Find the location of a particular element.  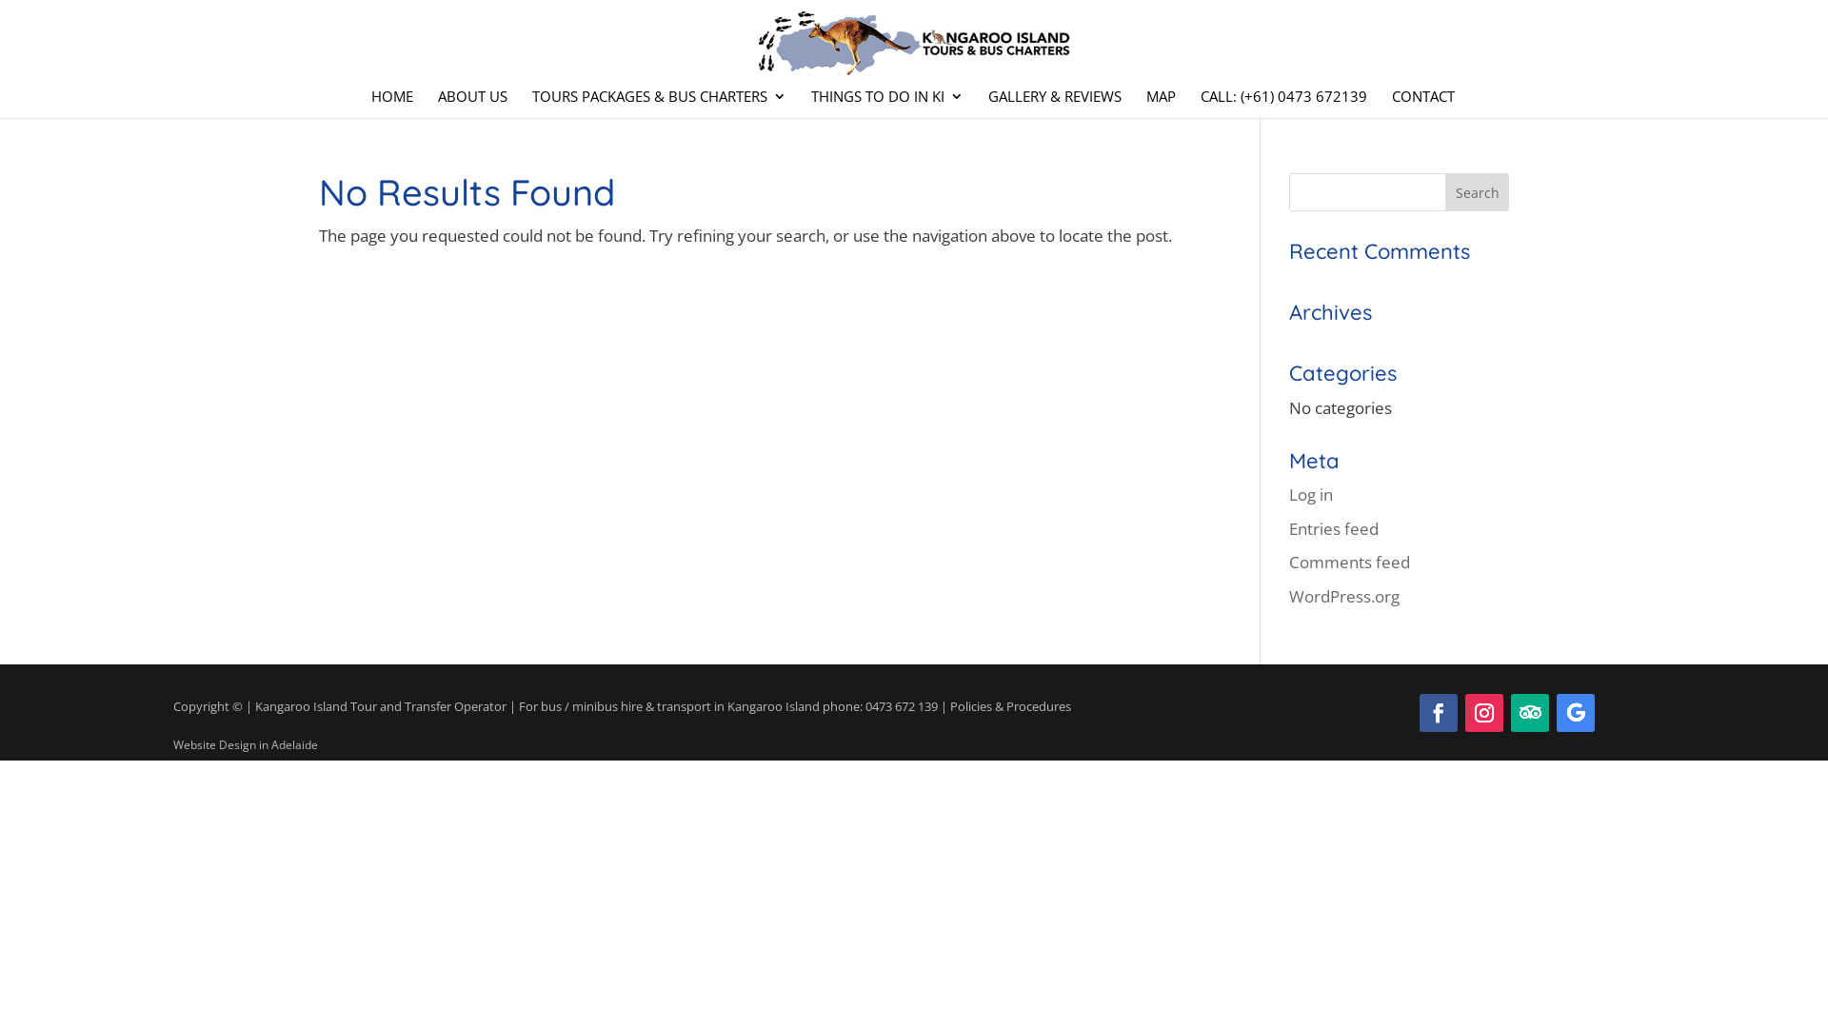

'phone: 0473 672 139' is located at coordinates (879, 705).